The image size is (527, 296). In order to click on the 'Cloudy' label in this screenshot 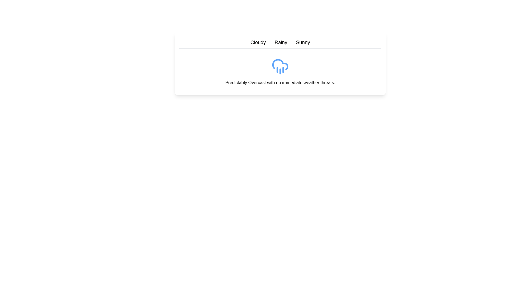, I will do `click(258, 42)`.